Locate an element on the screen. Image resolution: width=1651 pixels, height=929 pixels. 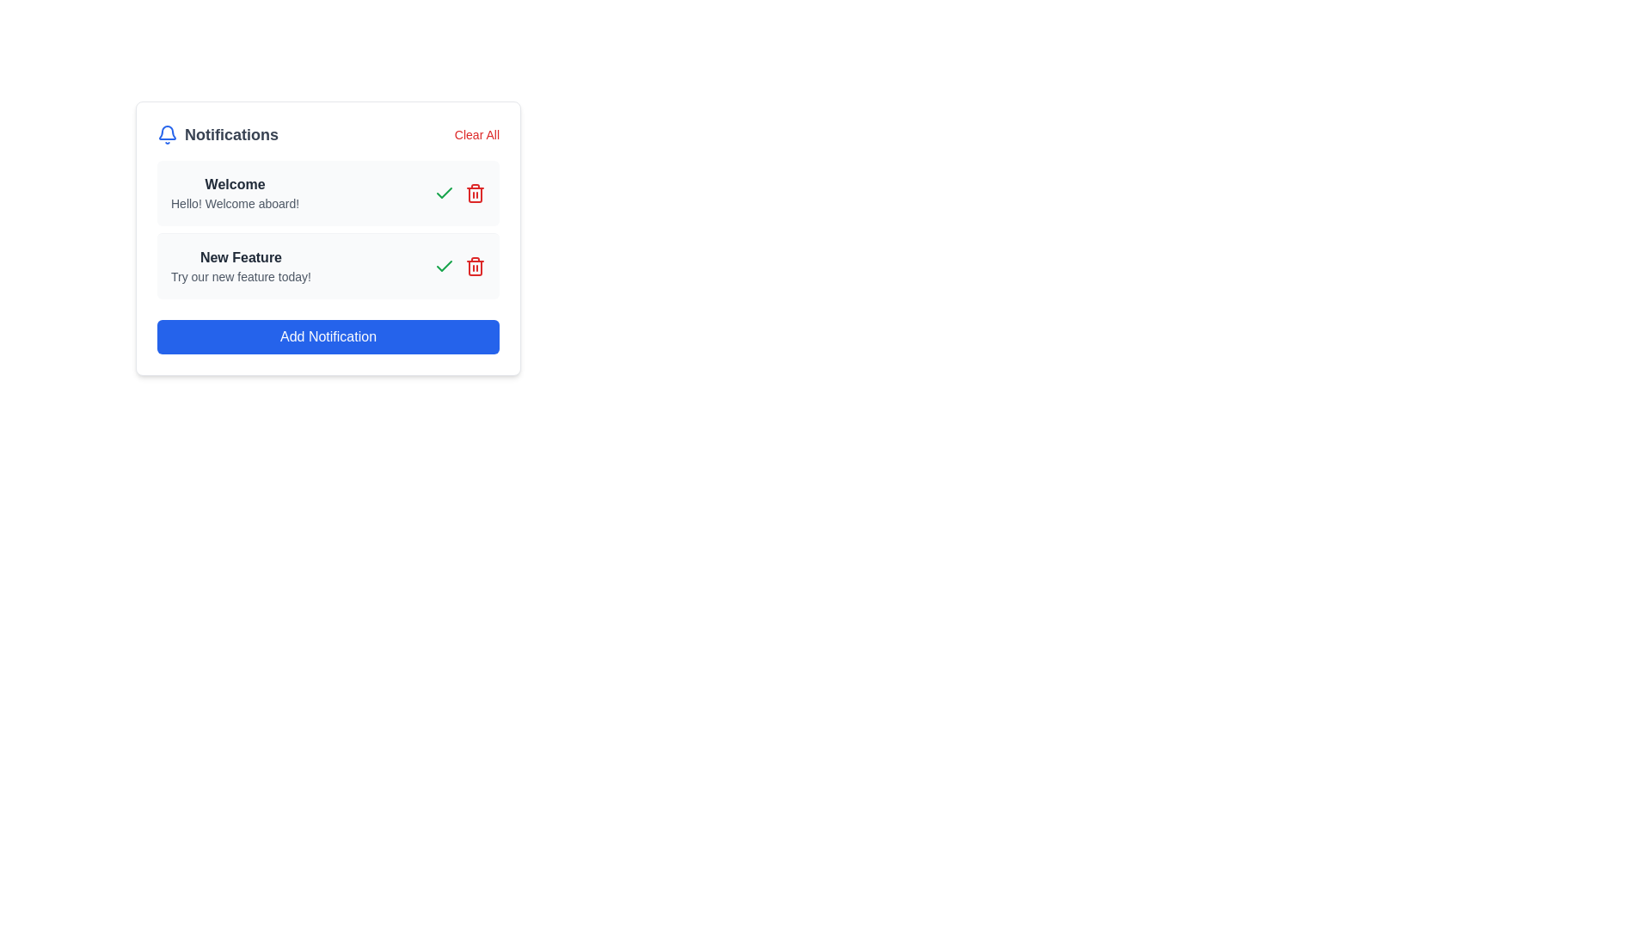
the bold 'Welcome' text label in the notification card, which is prominently positioned above the smaller text 'Hello! Welcome aboard!' is located at coordinates (234, 185).